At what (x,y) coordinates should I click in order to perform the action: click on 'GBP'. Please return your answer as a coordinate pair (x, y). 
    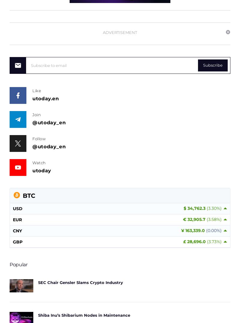
    Looking at the image, I should click on (12, 241).